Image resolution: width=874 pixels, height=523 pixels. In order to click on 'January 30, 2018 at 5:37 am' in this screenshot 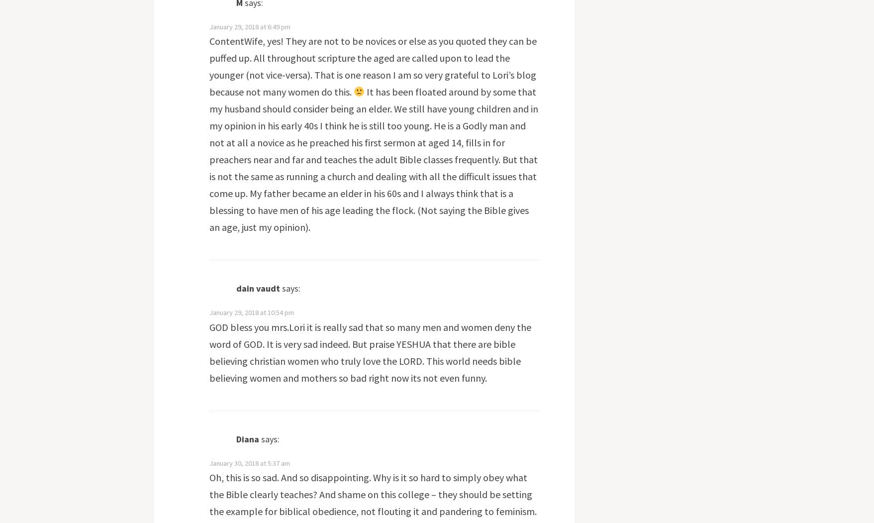, I will do `click(248, 463)`.